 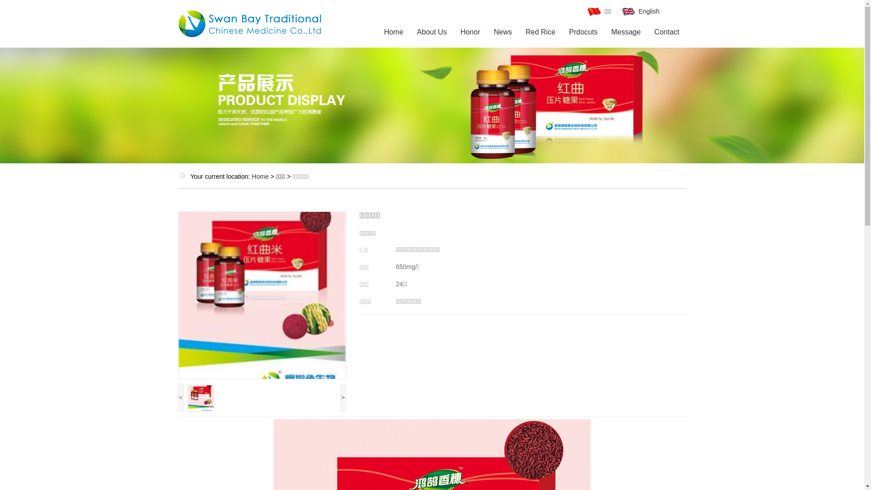 What do you see at coordinates (416, 31) in the screenshot?
I see `'About Us'` at bounding box center [416, 31].